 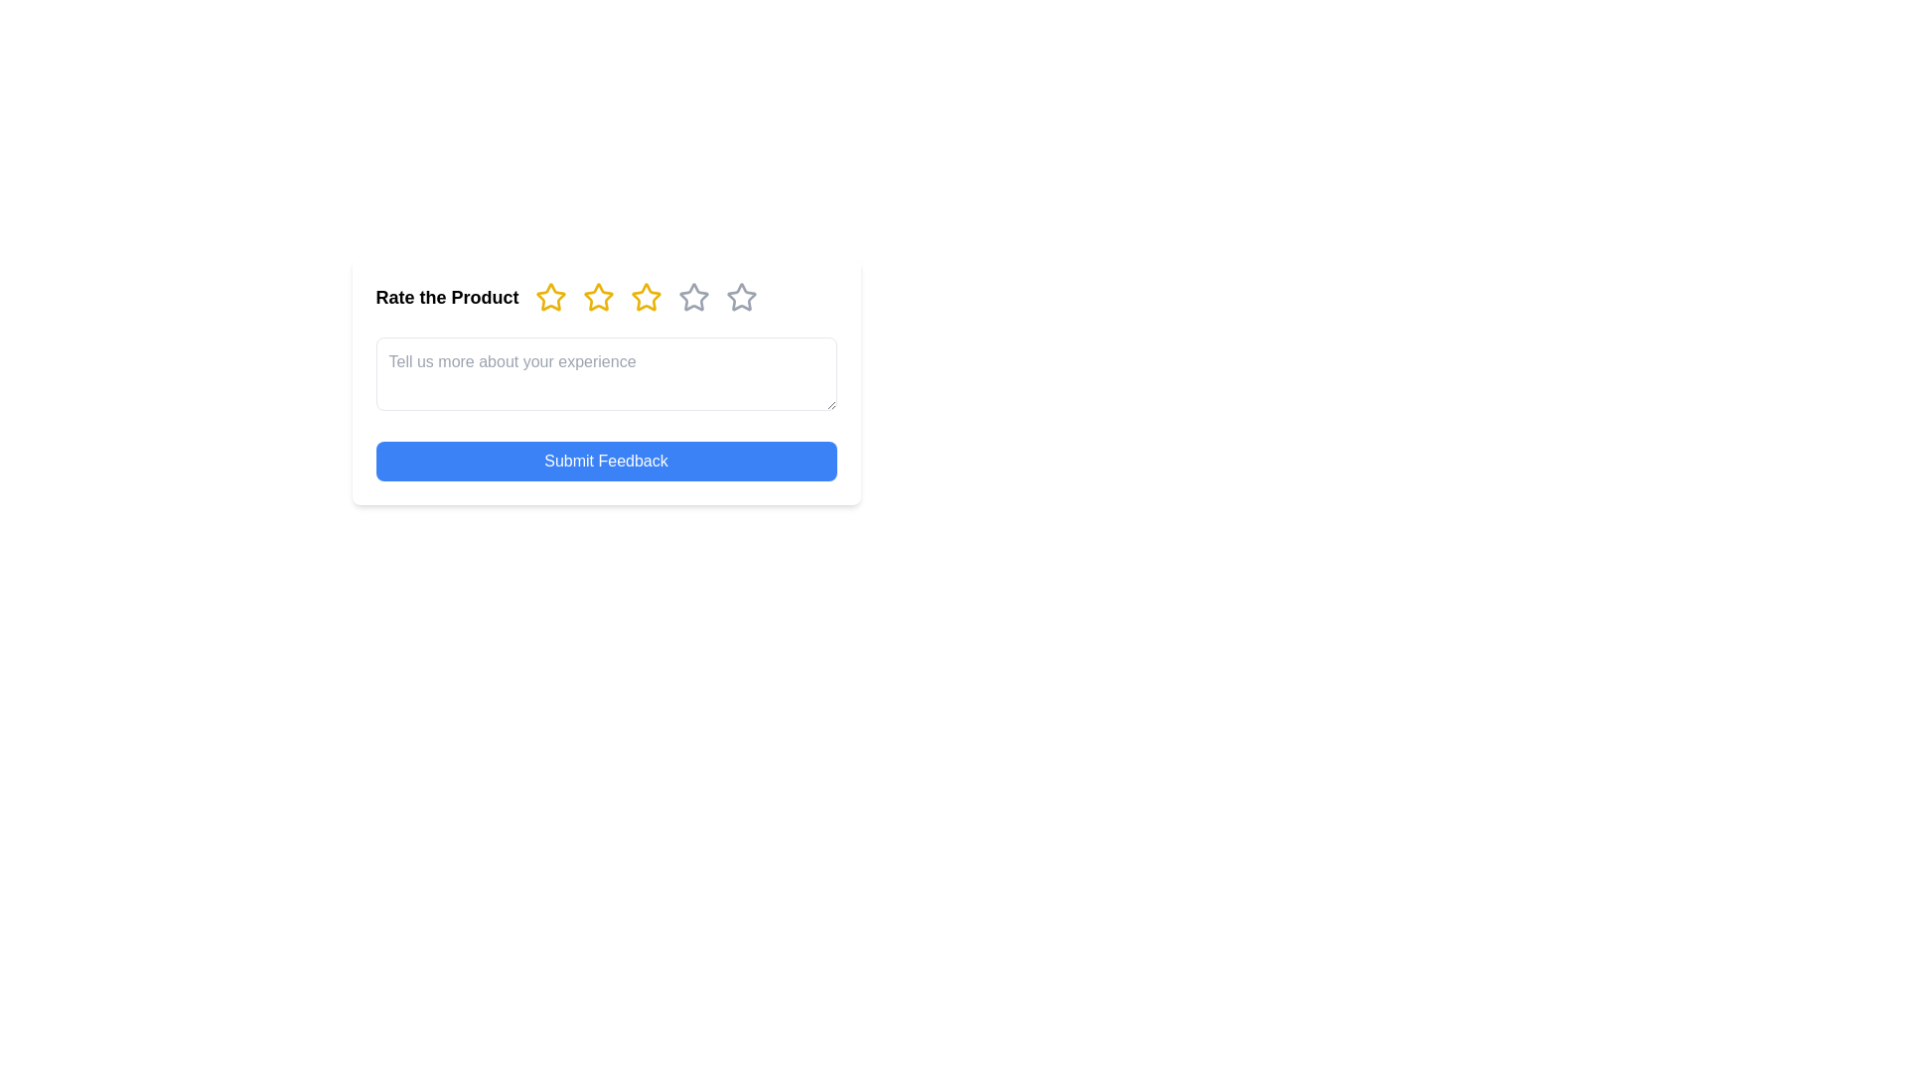 I want to click on the fourth star icon in the star rating component, so click(x=693, y=297).